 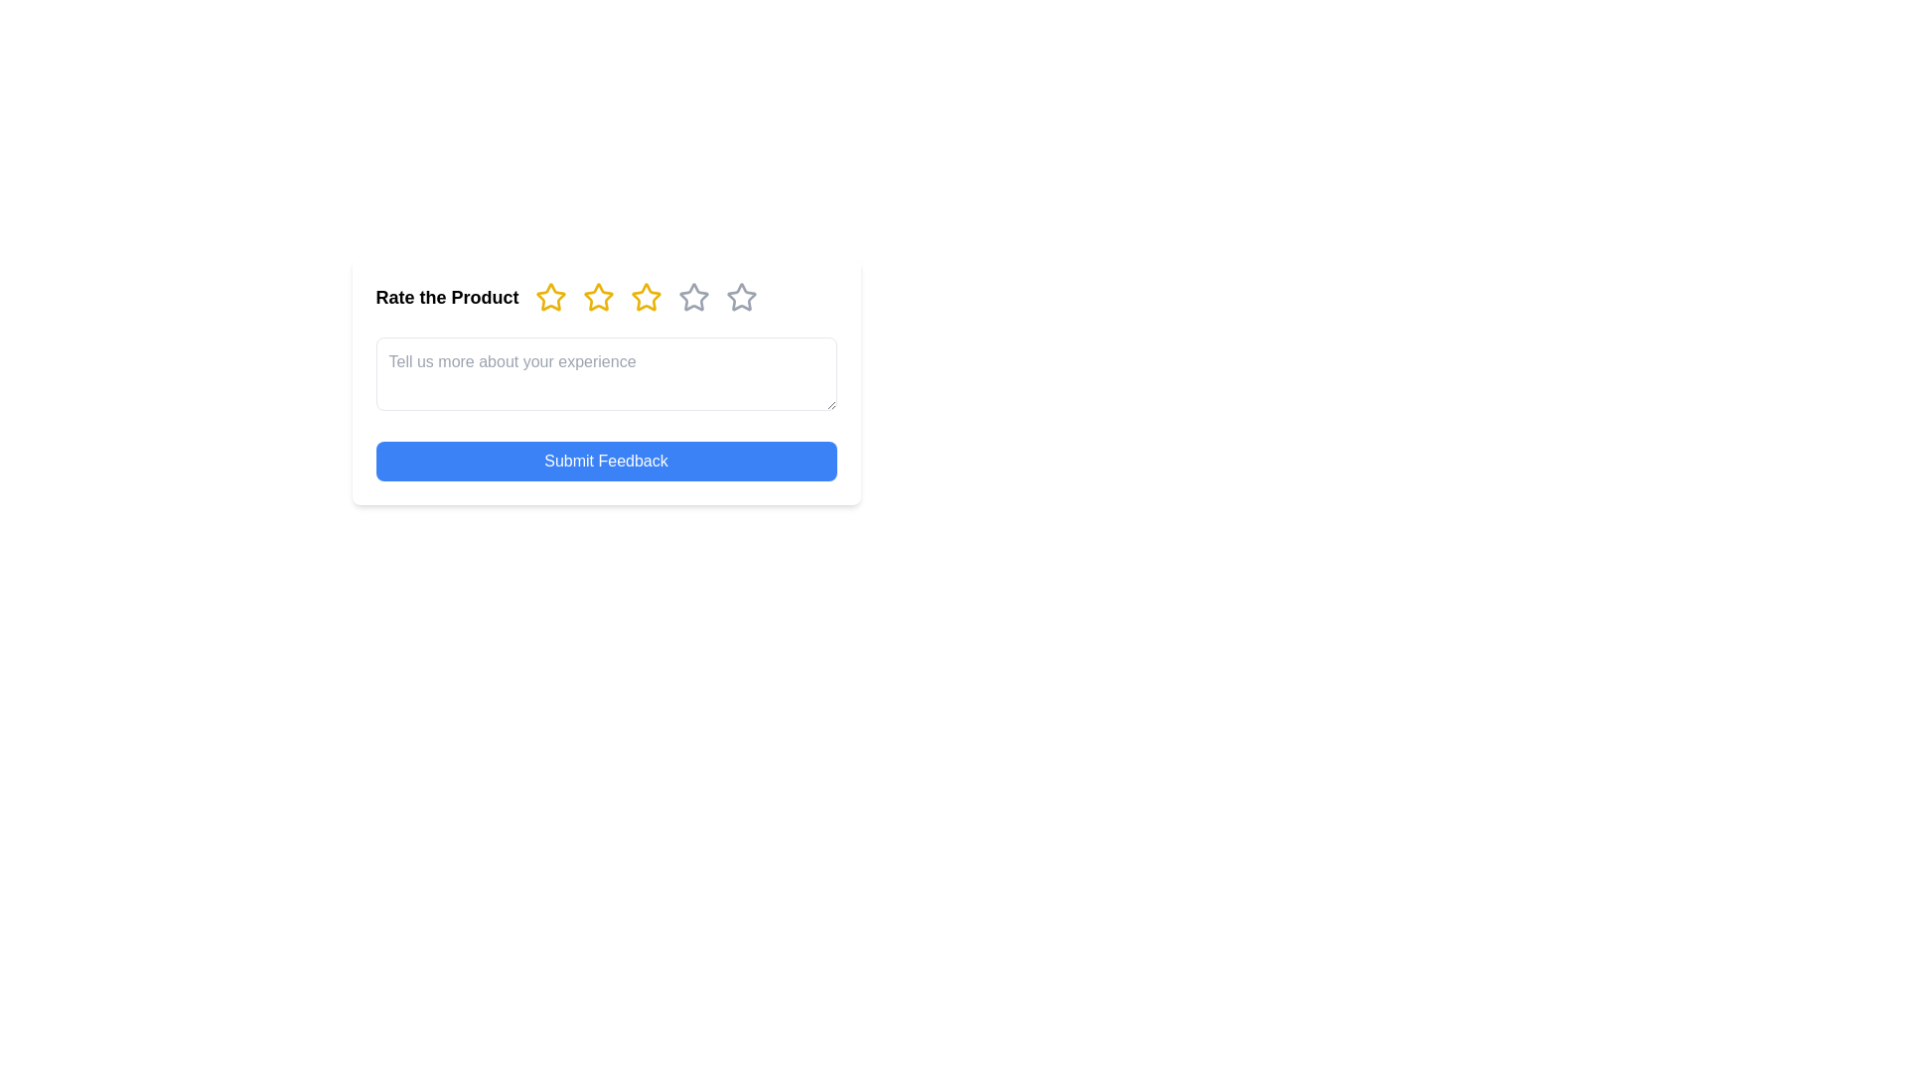 I want to click on the fourth star icon in the star rating component, so click(x=693, y=297).